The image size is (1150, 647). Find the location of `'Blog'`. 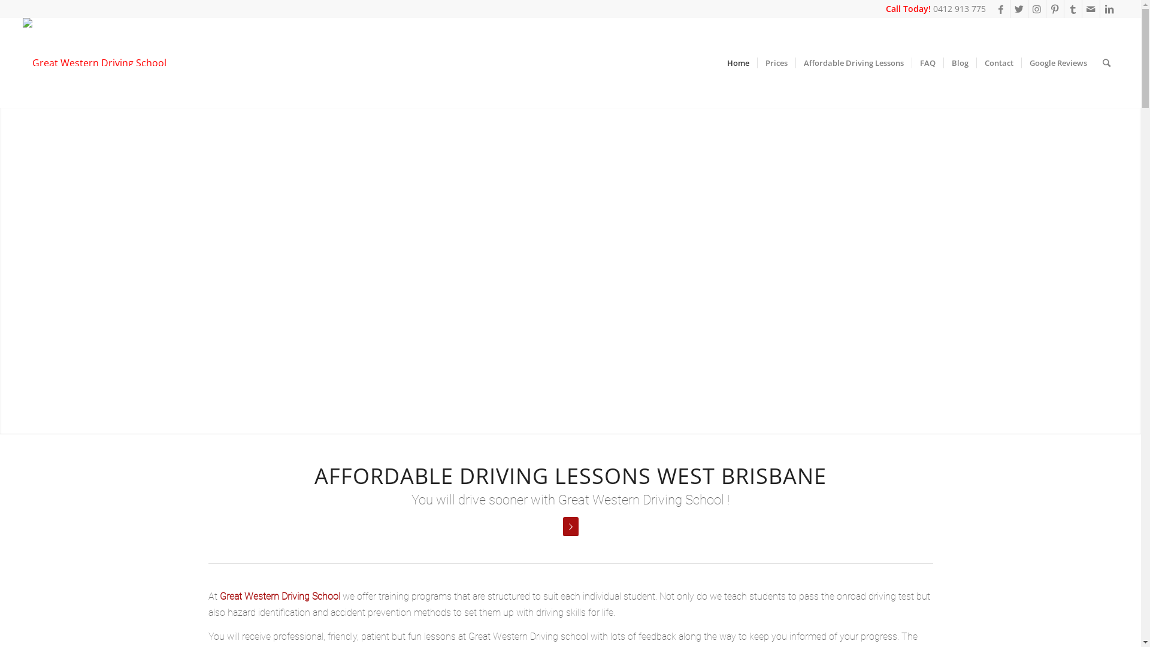

'Blog' is located at coordinates (960, 62).